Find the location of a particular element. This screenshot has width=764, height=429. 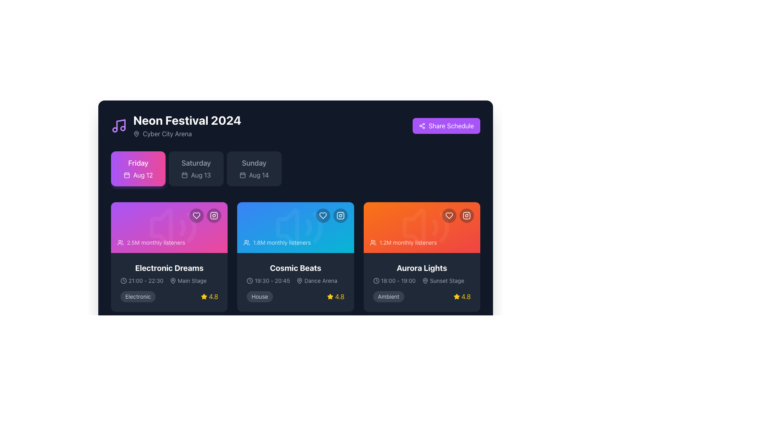

the SVG Circle Element that forms the circular border of the clock icon in the 'Aurora Lights' card, located in the bottom row of the application is located at coordinates (376, 280).